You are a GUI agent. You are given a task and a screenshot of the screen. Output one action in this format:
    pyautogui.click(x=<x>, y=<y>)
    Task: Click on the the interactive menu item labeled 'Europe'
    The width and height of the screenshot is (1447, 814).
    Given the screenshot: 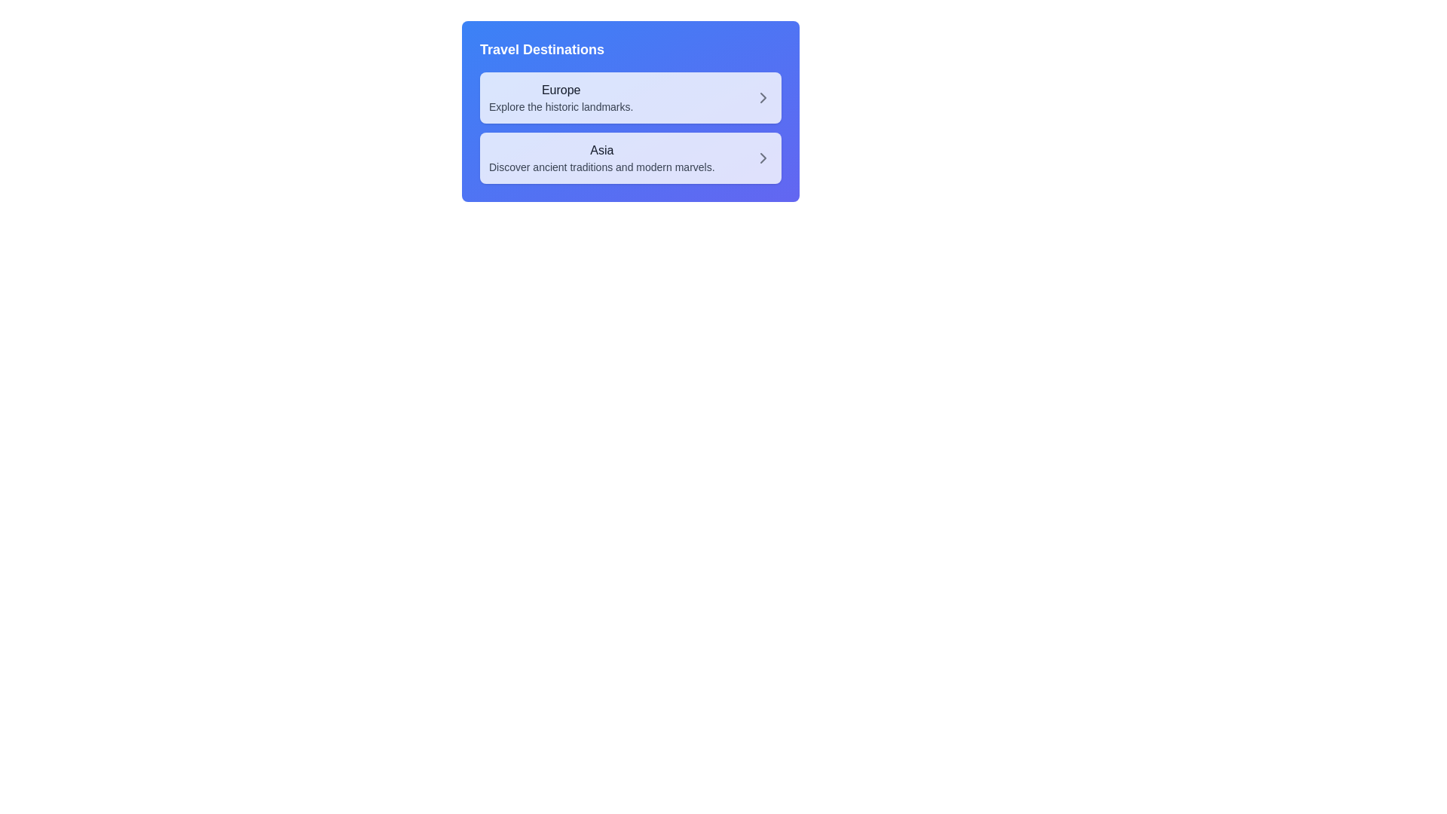 What is the action you would take?
    pyautogui.click(x=630, y=98)
    